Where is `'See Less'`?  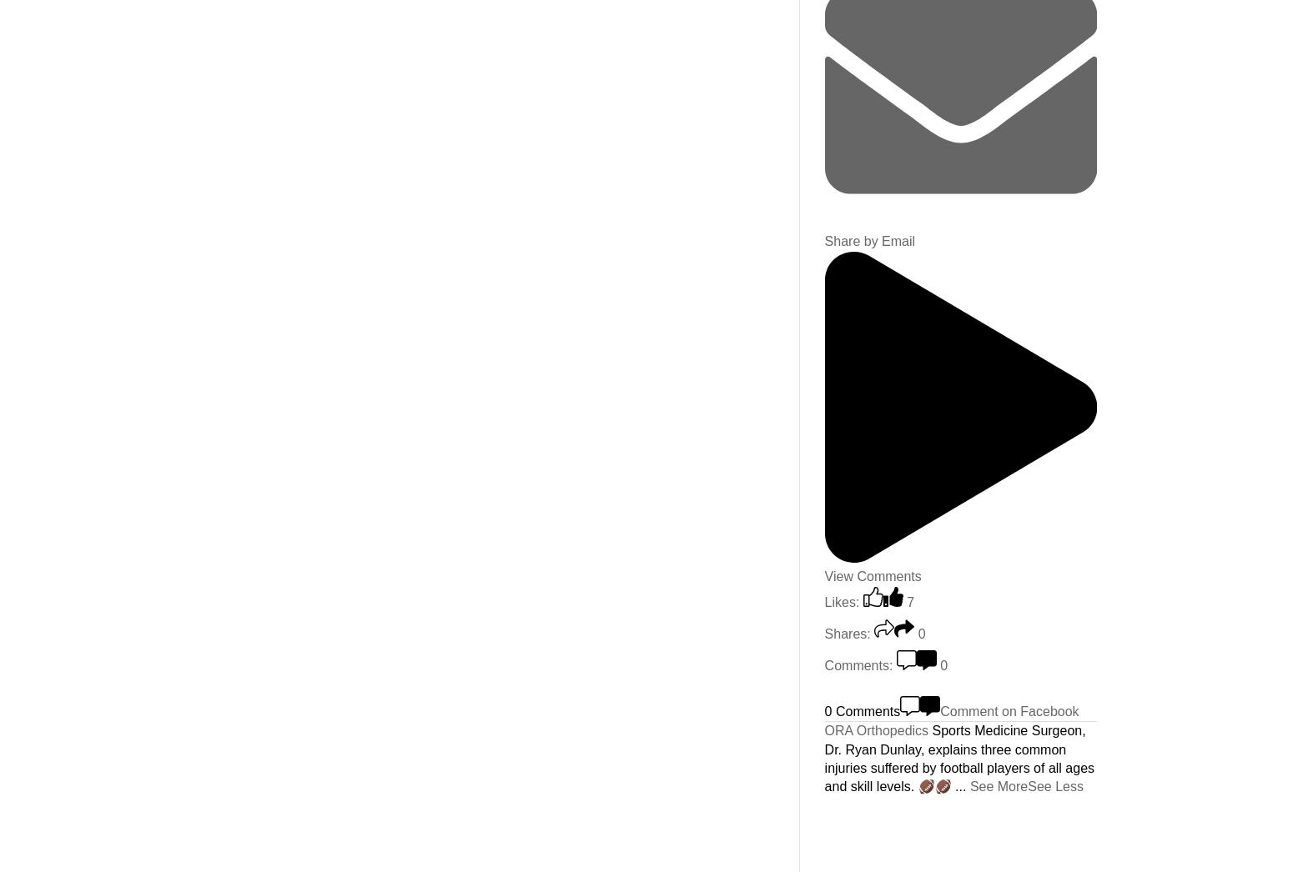 'See Less' is located at coordinates (1054, 785).